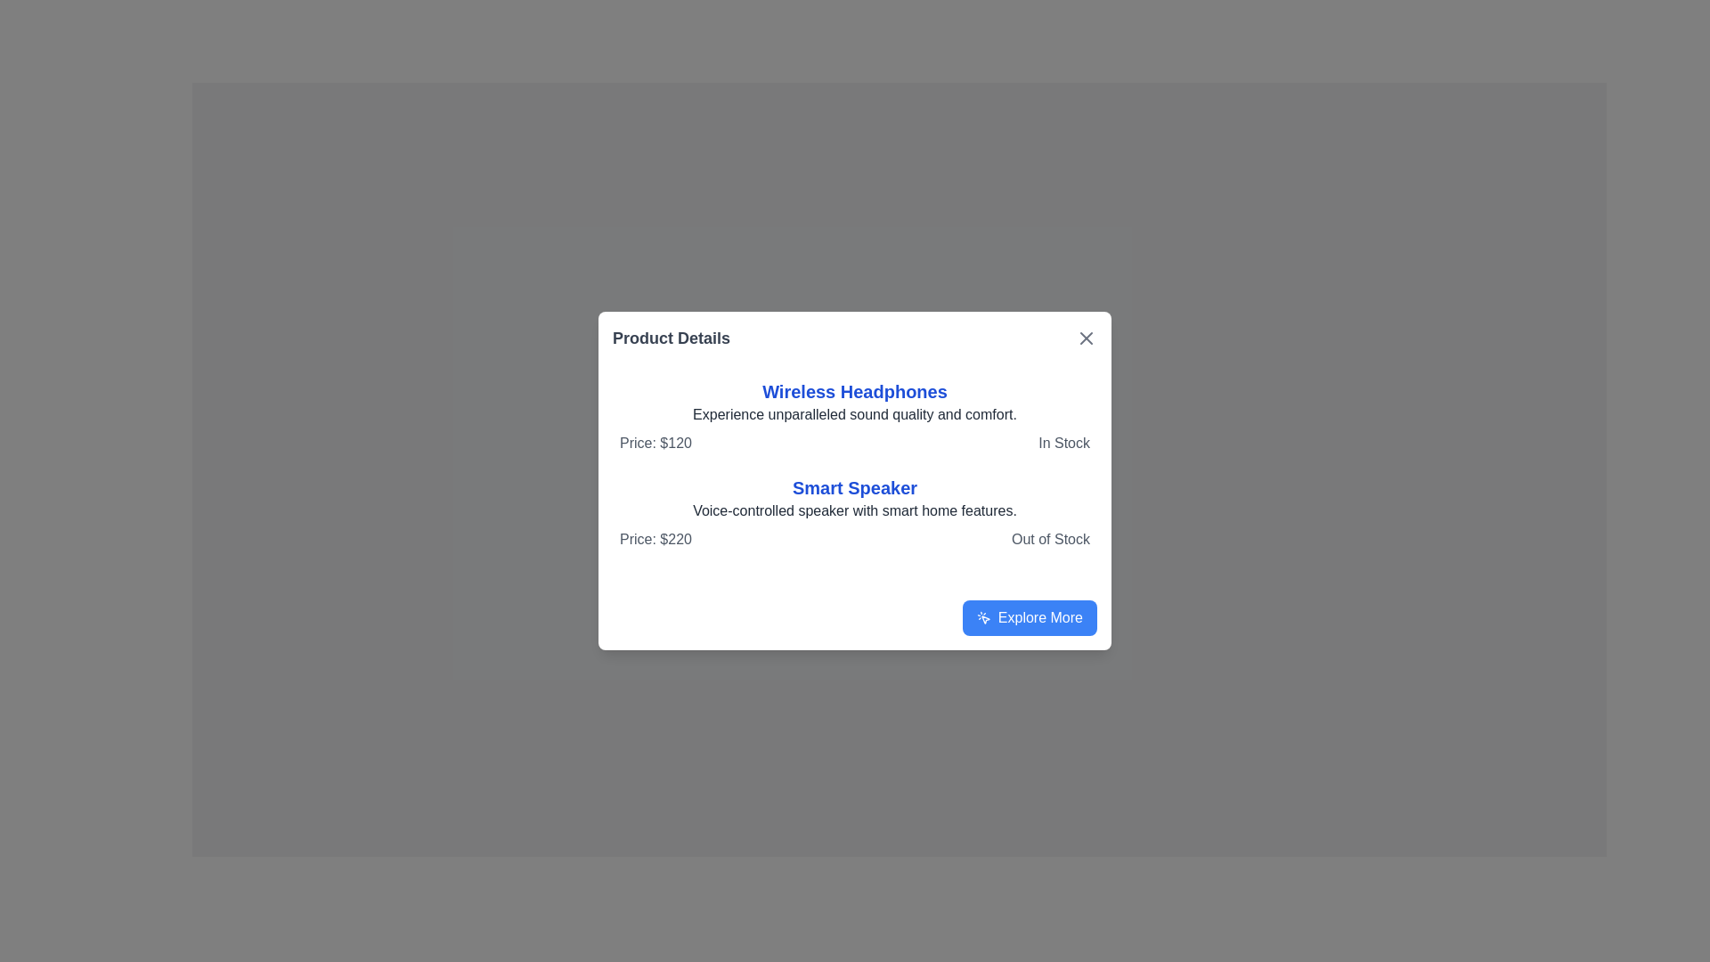  What do you see at coordinates (855, 511) in the screenshot?
I see `the static descriptive text element that provides information about the 'Smart Speaker' product, located below the title 'Smart Speaker' and above the price information 'Price: $220'` at bounding box center [855, 511].